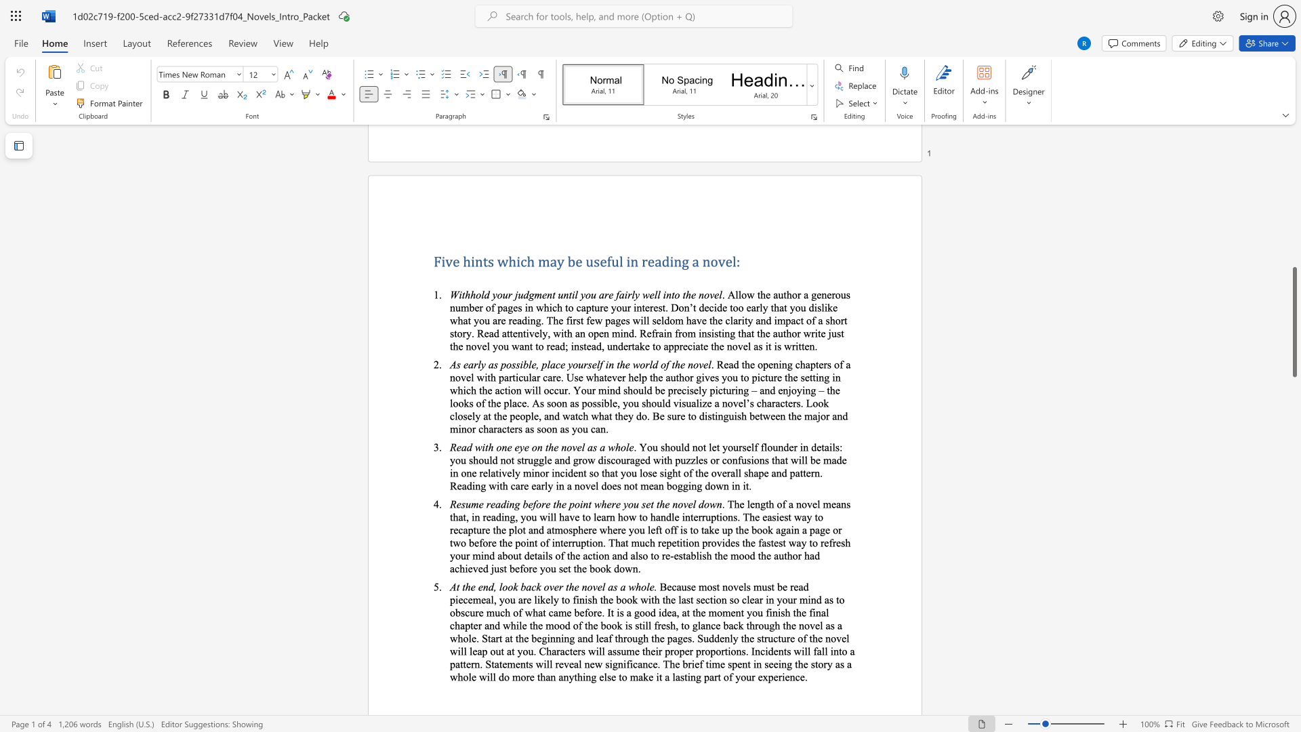  What do you see at coordinates (1294, 229) in the screenshot?
I see `the side scrollbar to bring the page up` at bounding box center [1294, 229].